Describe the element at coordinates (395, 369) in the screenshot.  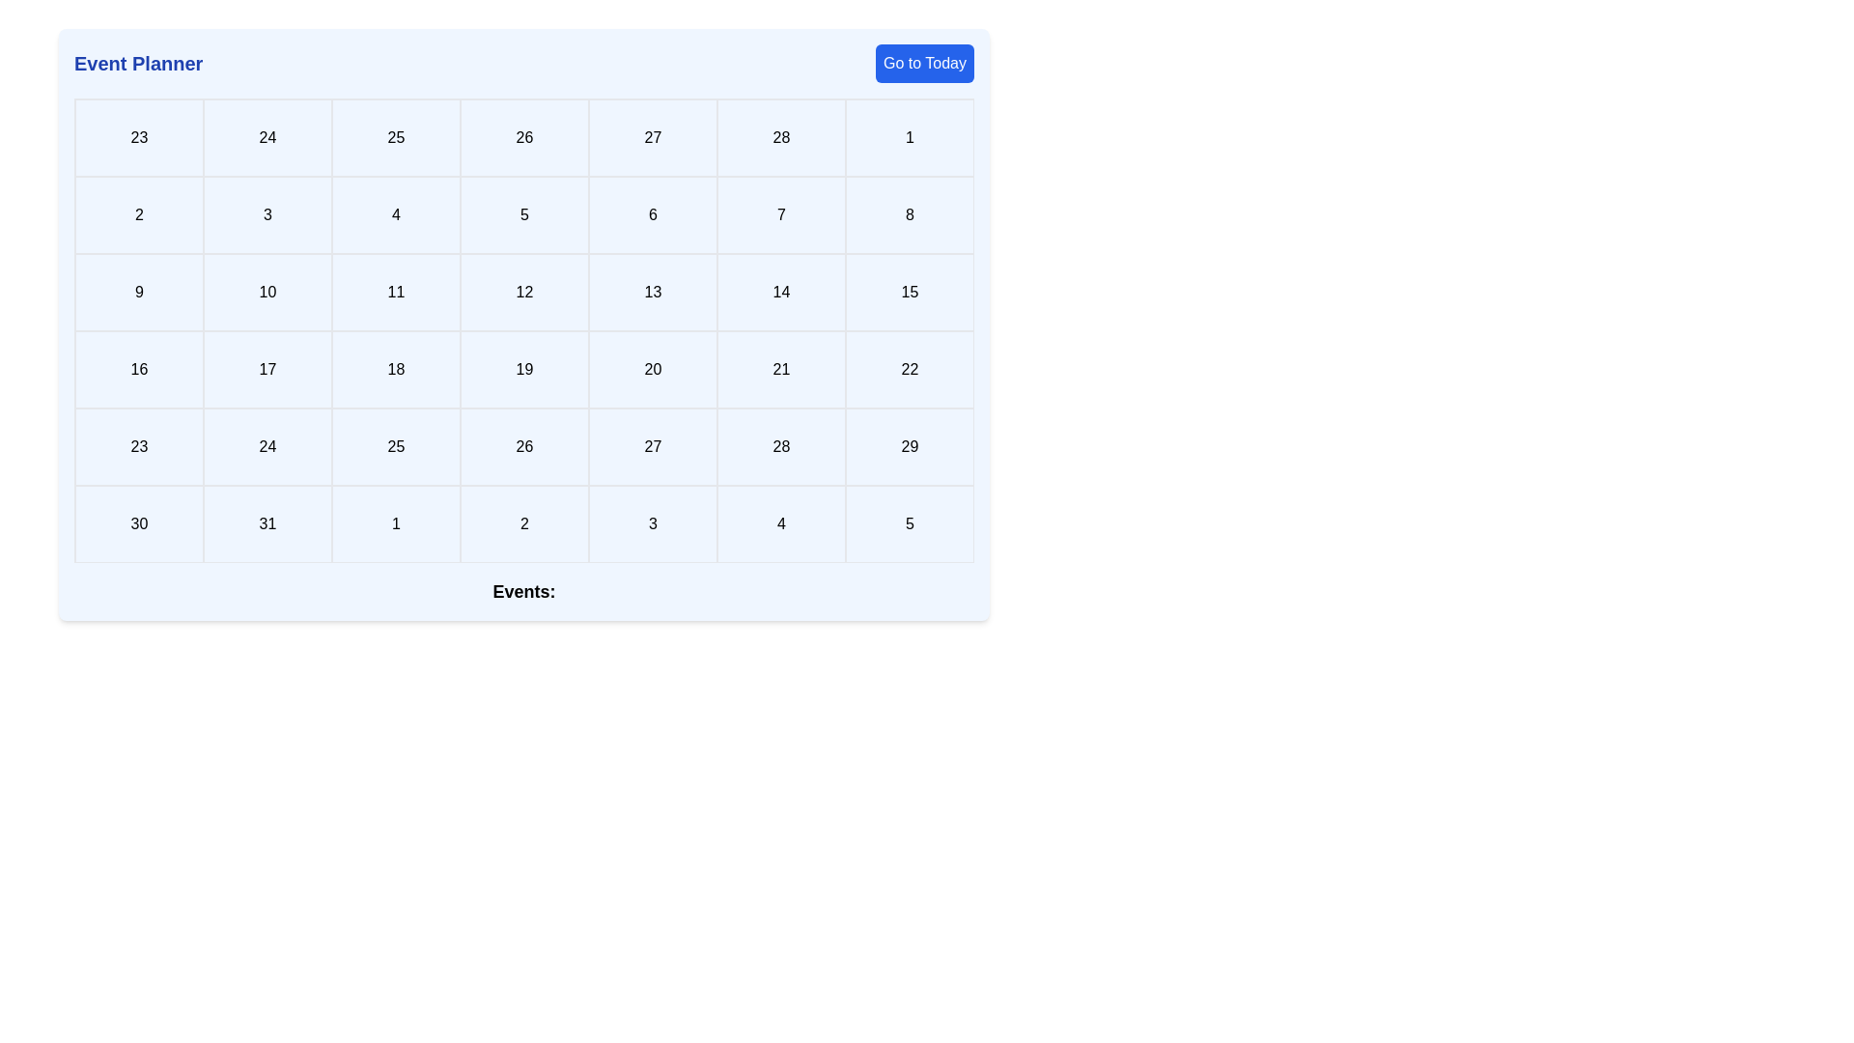
I see `the grid cell displaying the number '18', which is located in the fourth row and third column of the grid layout` at that location.